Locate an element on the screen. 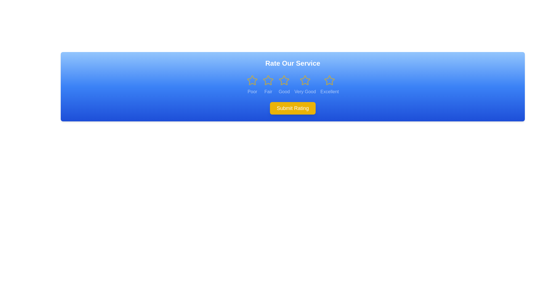  the text label displaying 'Poor' which is positioned below the first star in the rating interface is located at coordinates (252, 92).